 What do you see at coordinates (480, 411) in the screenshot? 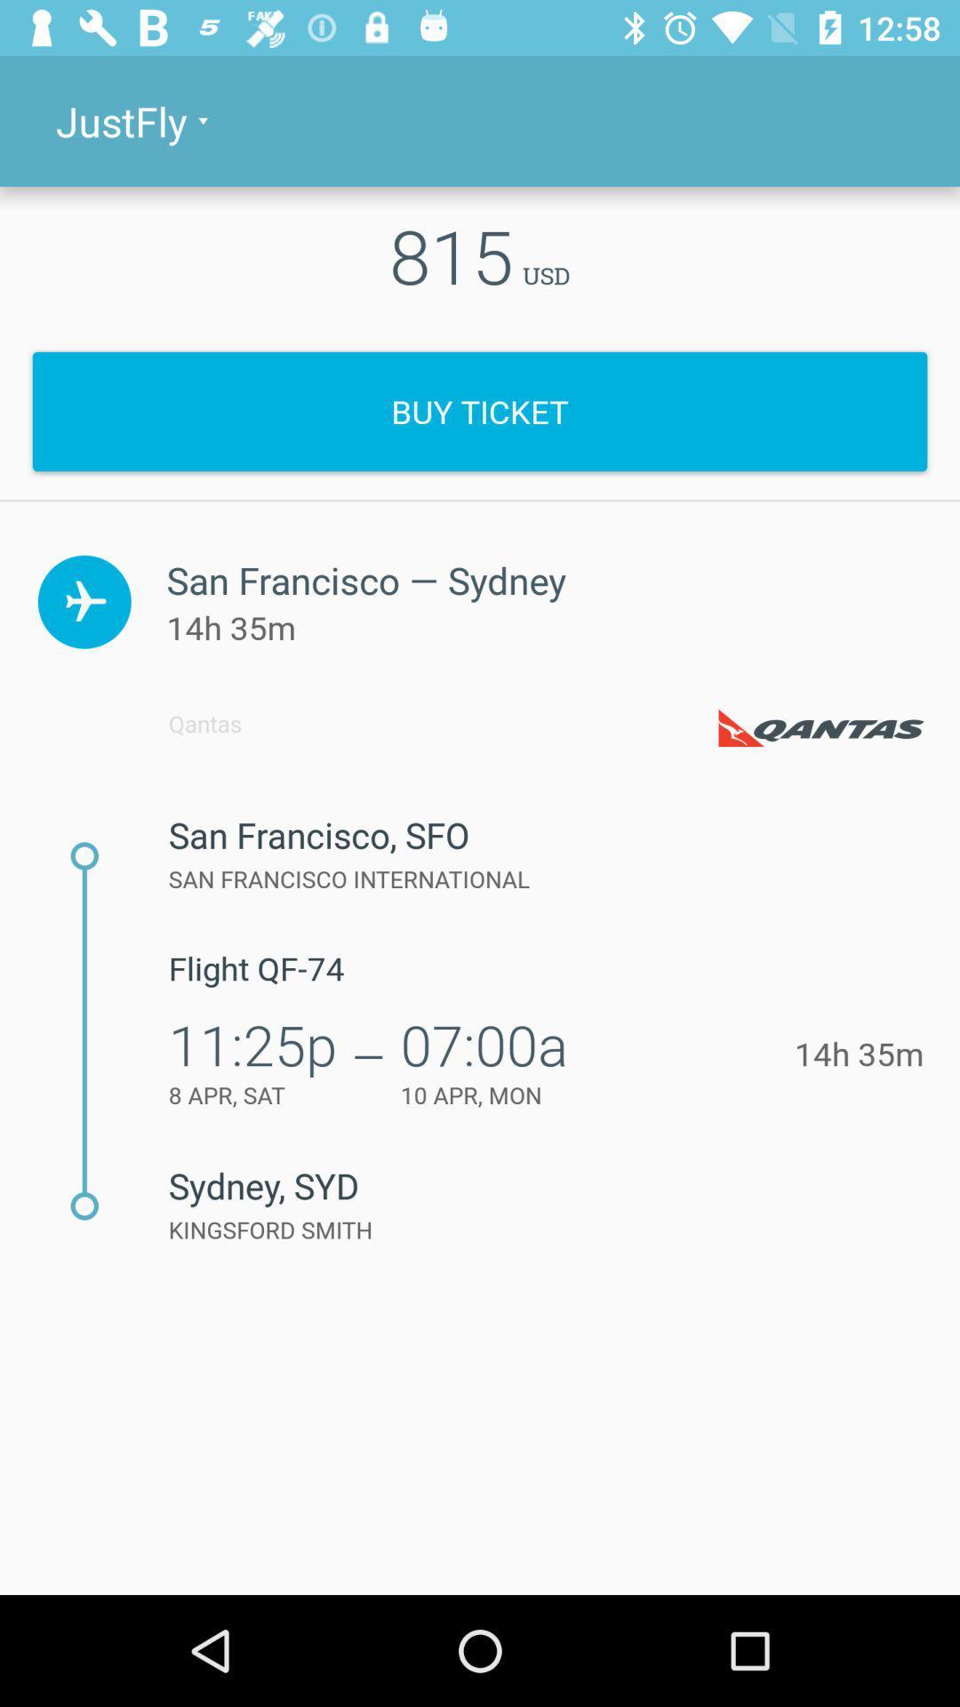
I see `buy ticket item` at bounding box center [480, 411].